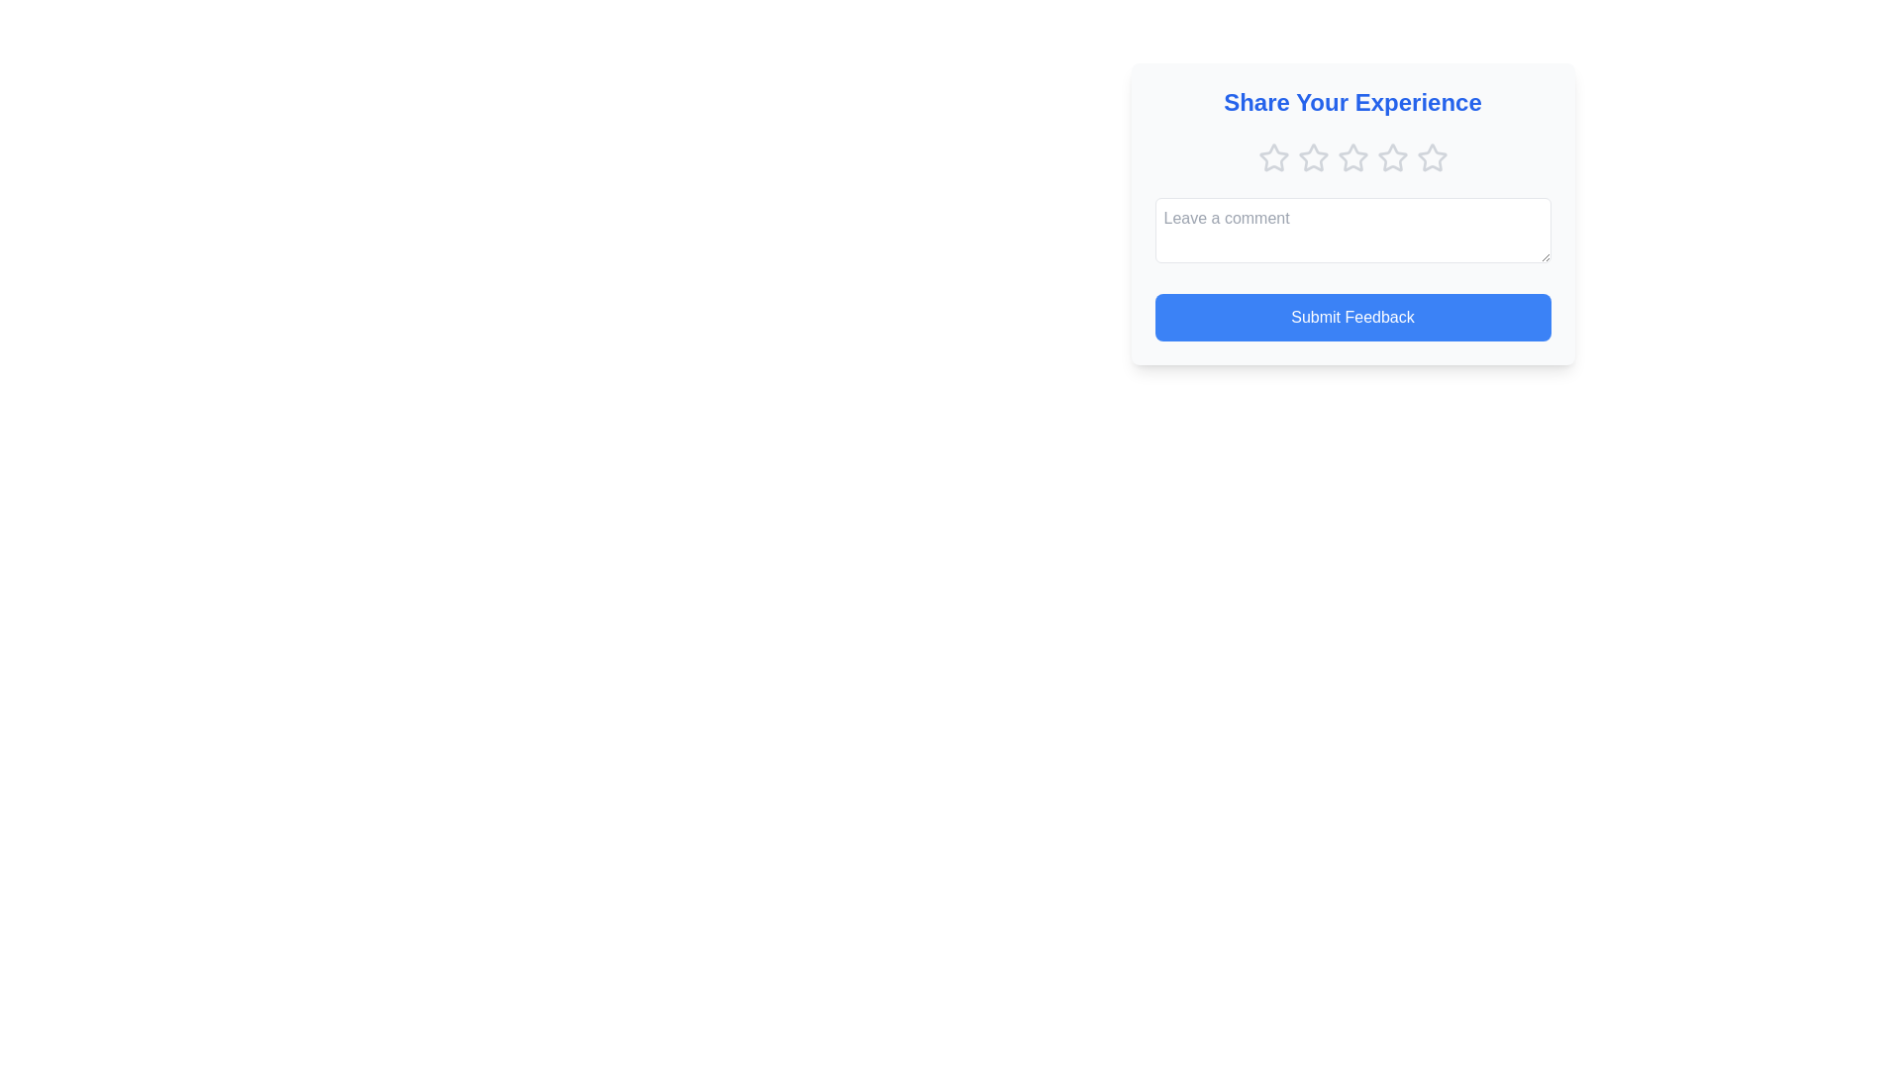 The height and width of the screenshot is (1069, 1901). Describe the element at coordinates (1313, 156) in the screenshot. I see `the third Rating Star Icon, which is part of a horizontal series of five stars used for rating systems` at that location.